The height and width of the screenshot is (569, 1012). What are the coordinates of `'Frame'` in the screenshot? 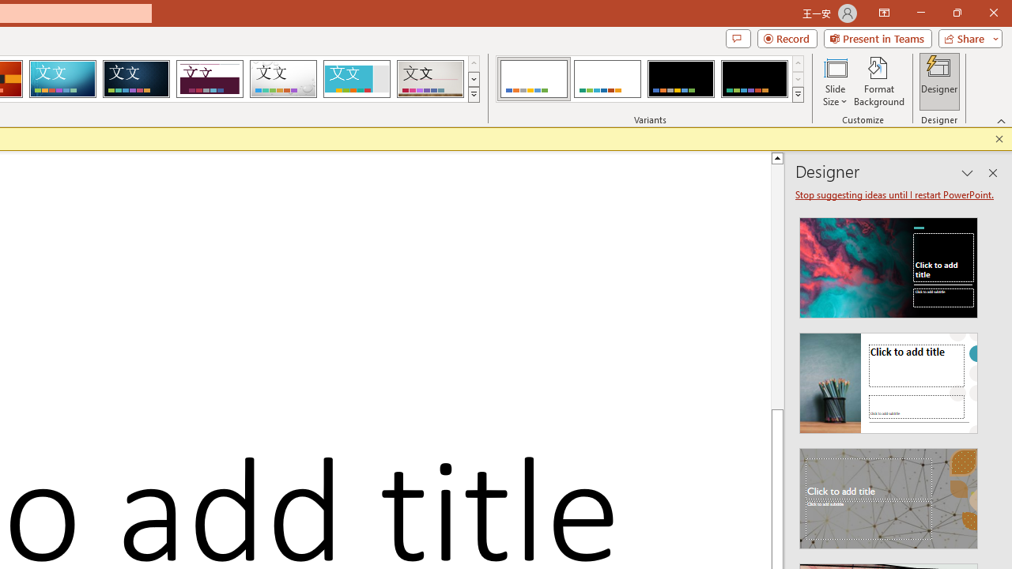 It's located at (356, 79).